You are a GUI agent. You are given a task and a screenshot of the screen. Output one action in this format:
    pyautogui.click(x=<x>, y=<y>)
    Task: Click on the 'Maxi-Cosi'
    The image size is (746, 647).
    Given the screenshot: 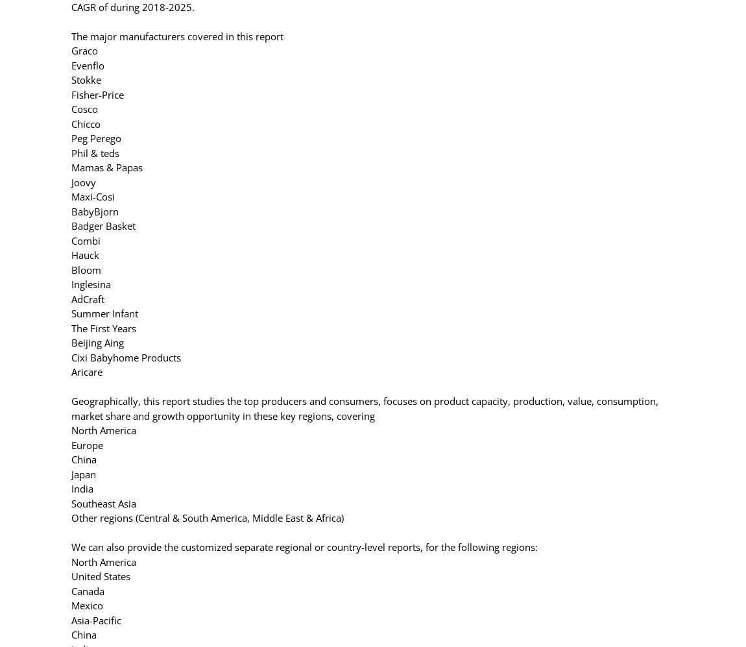 What is the action you would take?
    pyautogui.click(x=92, y=196)
    